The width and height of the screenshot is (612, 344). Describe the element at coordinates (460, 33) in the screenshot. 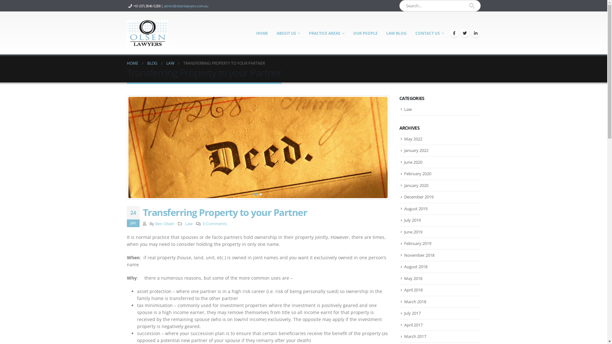

I see `'Twitter'` at that location.